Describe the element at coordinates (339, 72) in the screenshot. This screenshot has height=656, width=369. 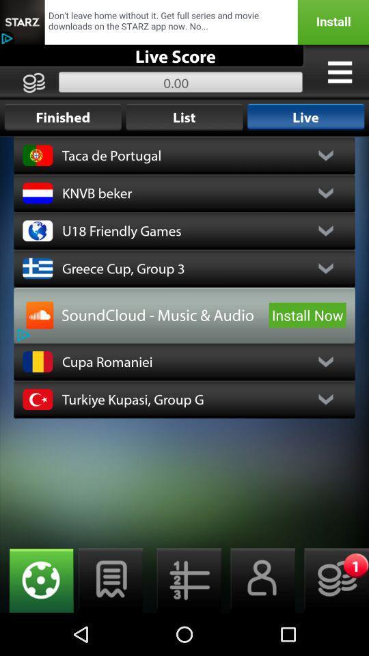
I see `settings icon` at that location.